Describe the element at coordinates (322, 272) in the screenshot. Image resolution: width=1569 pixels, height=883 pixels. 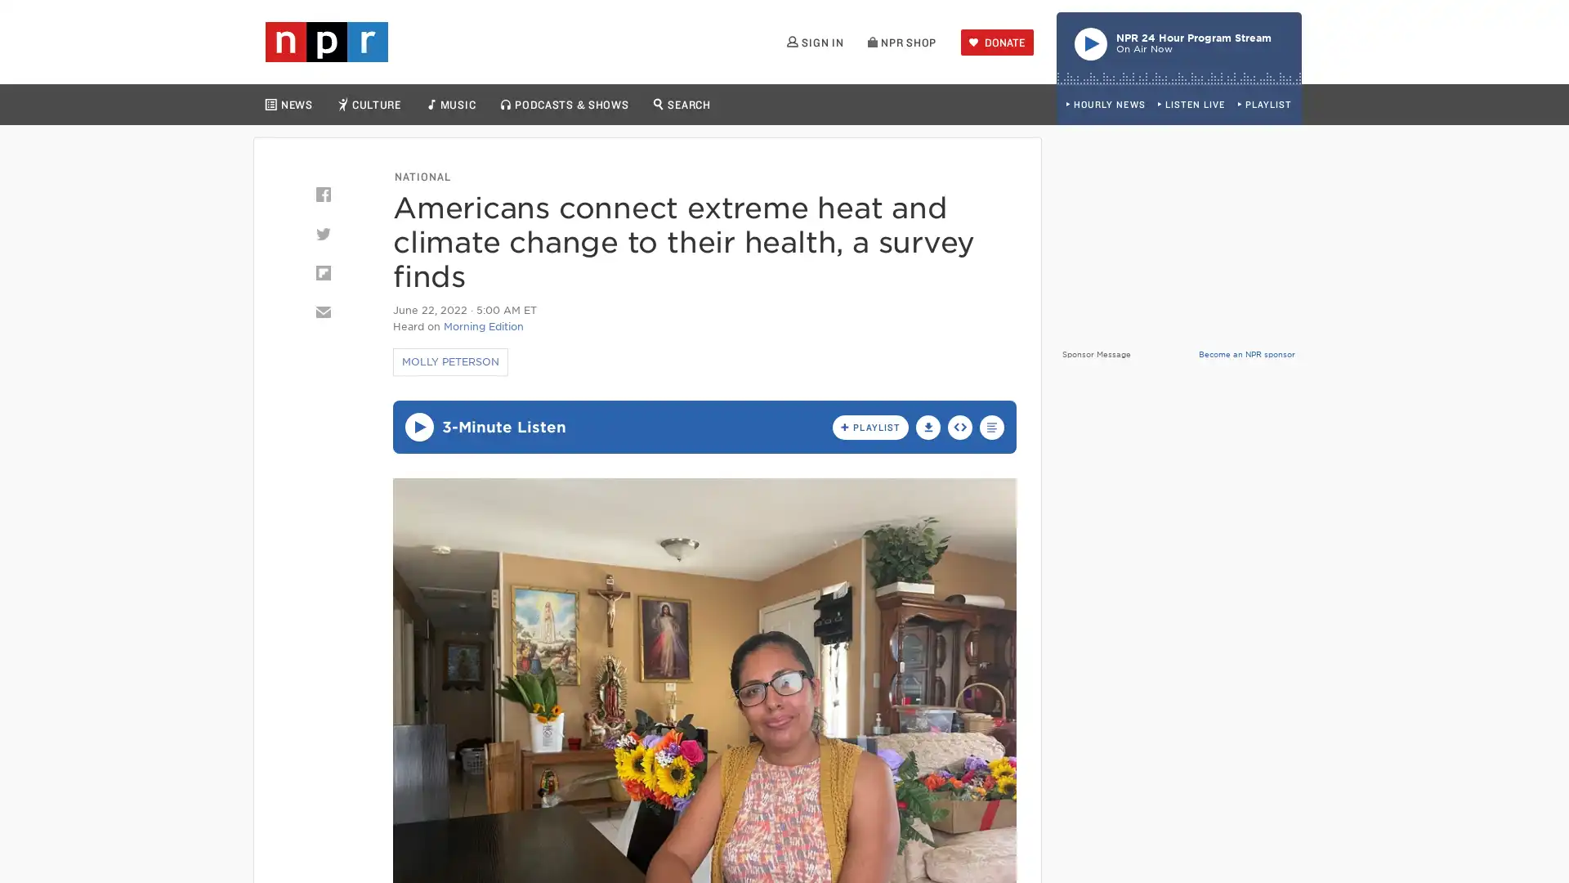
I see `Flipboard` at that location.